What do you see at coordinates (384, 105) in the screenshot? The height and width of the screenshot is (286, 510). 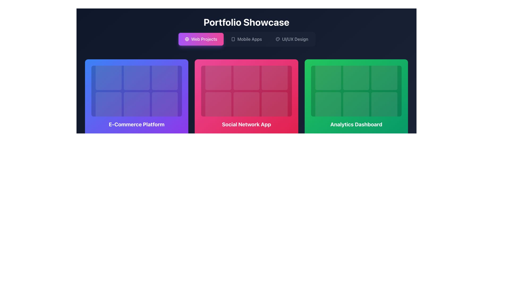 I see `the sixth square in the 3x2 grid layout with a green background in the 'Analytics Dashboard' card` at bounding box center [384, 105].